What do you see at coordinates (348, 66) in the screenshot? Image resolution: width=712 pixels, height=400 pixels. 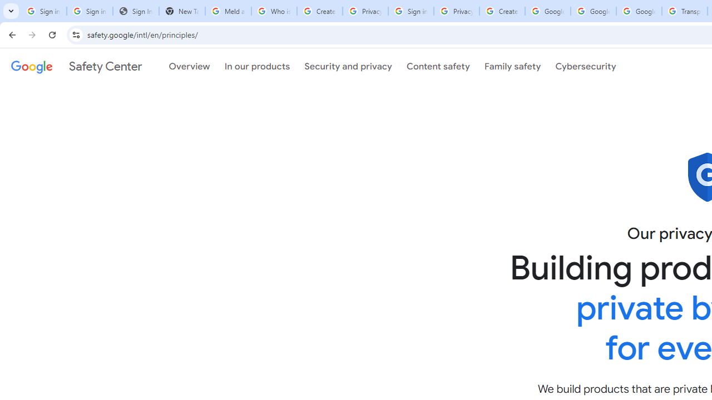 I see `'Security and privacy'` at bounding box center [348, 66].